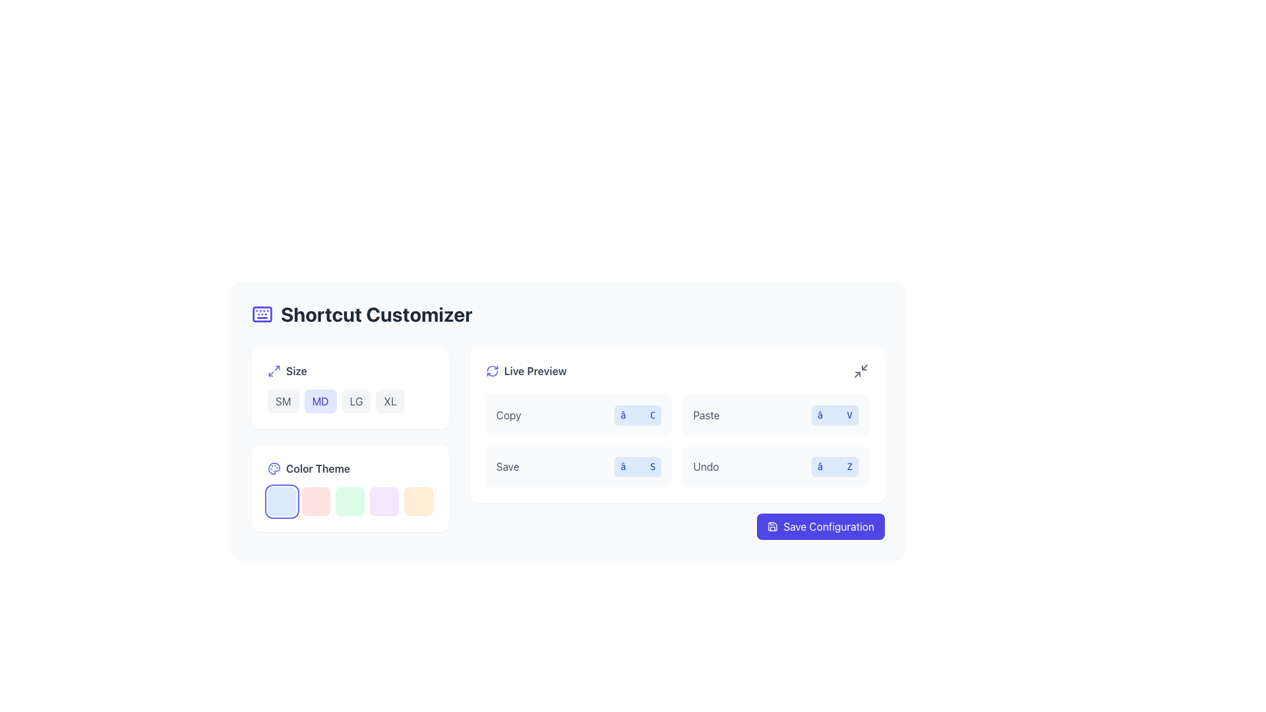 This screenshot has width=1266, height=712. I want to click on the 'Live Preview' button, which features a blue circular arrow icon to the left of bold gray text, located in the top-right corner of the interface, so click(526, 371).